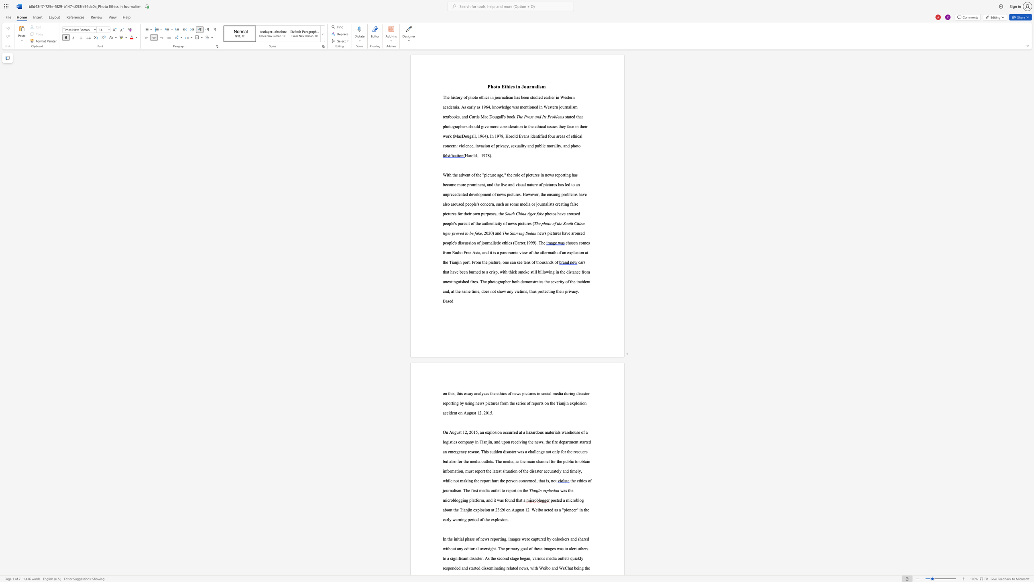 The height and width of the screenshot is (582, 1034). Describe the element at coordinates (504, 86) in the screenshot. I see `the subset text "thics in Journ" within the text "Photo Ethics in Journalism"` at that location.